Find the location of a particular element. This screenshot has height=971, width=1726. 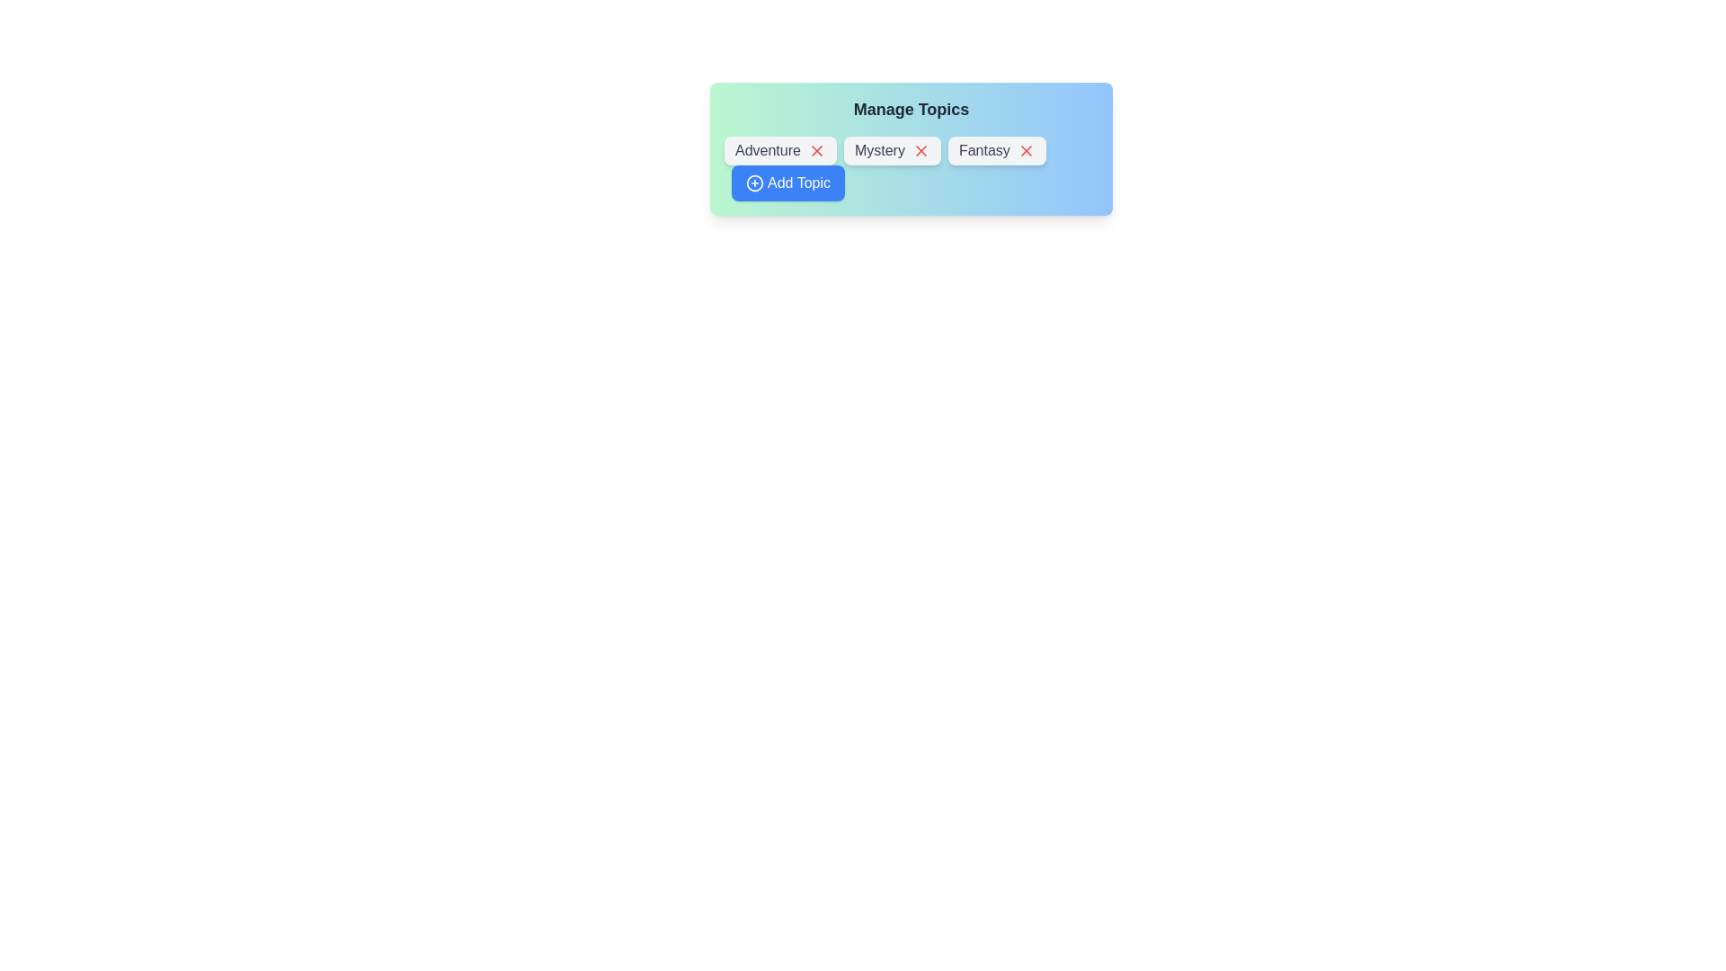

the text of the chip label Fantasy for copying is located at coordinates (983, 150).